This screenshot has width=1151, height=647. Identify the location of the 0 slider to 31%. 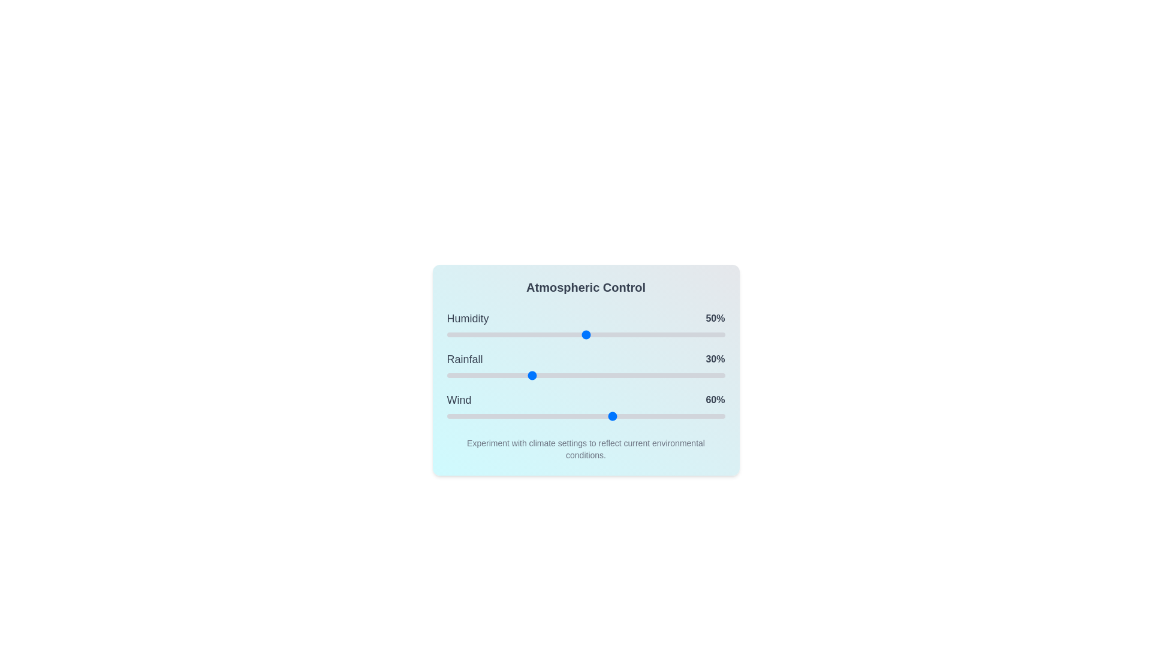
(532, 335).